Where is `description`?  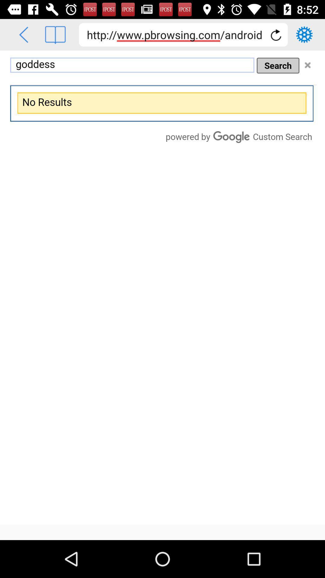 description is located at coordinates (162, 287).